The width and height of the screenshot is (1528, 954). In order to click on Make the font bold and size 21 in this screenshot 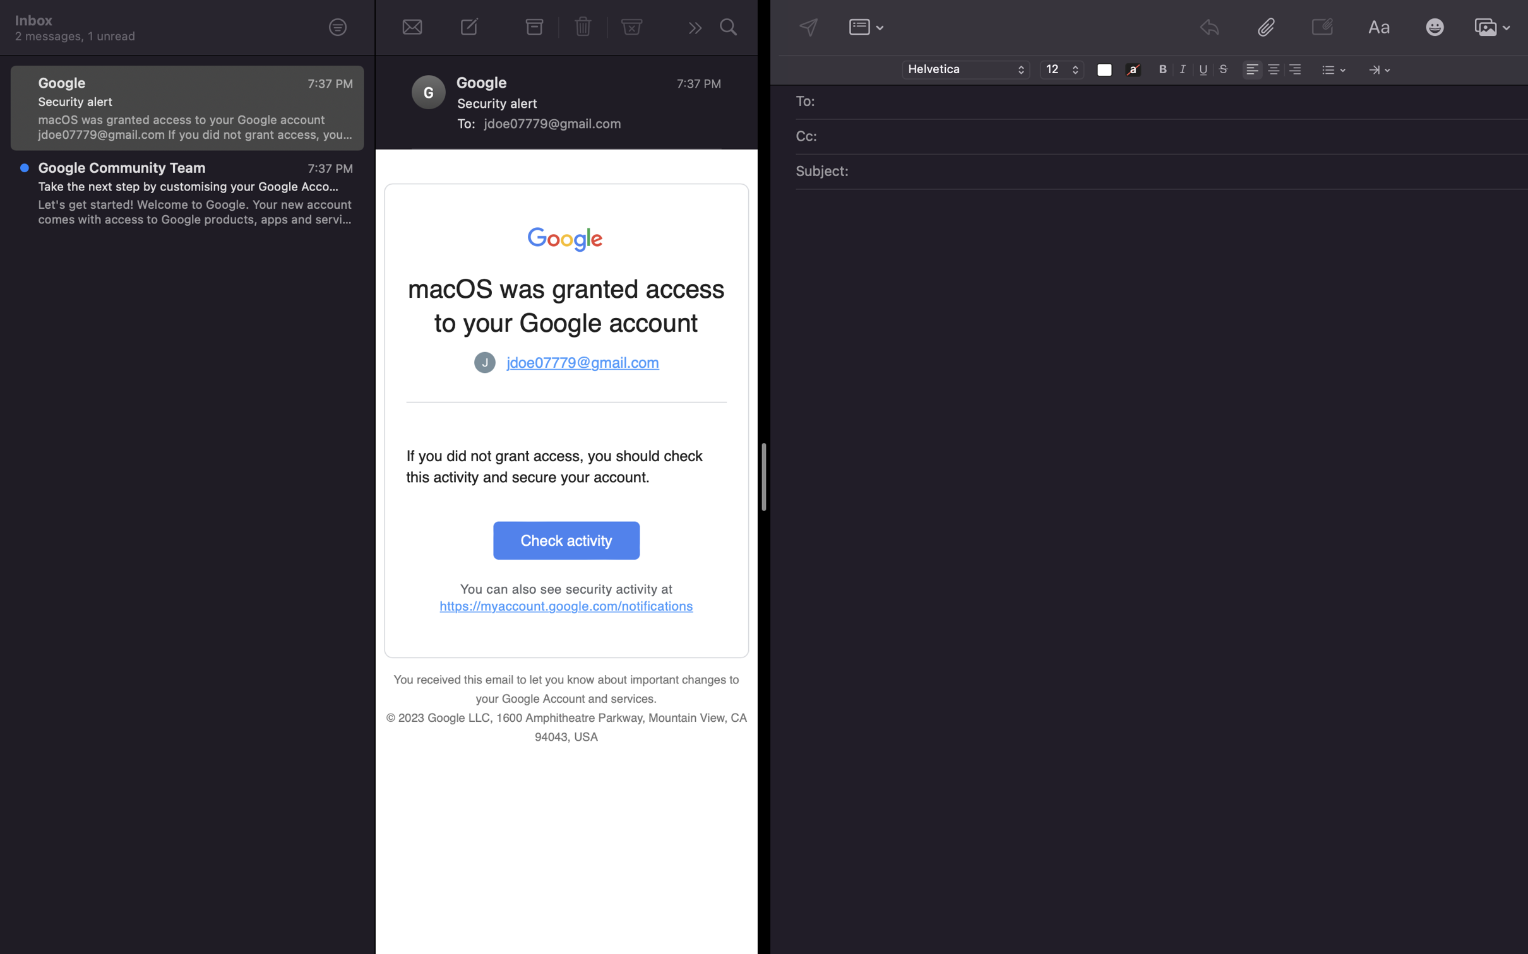, I will do `click(1163, 68)`.